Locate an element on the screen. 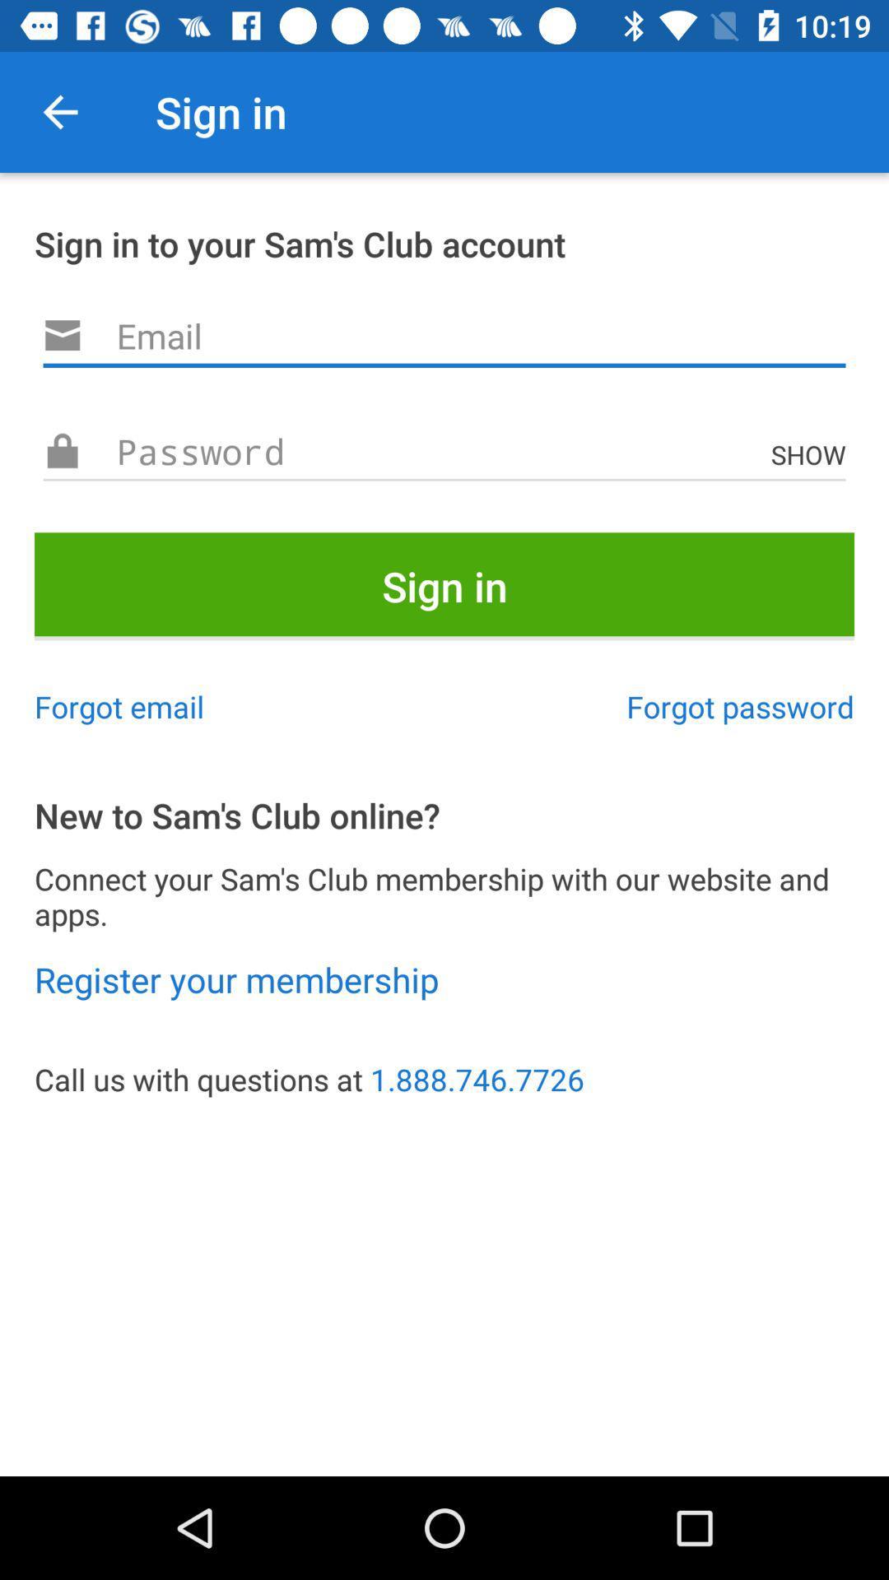 Image resolution: width=889 pixels, height=1580 pixels. show item is located at coordinates (812, 454).